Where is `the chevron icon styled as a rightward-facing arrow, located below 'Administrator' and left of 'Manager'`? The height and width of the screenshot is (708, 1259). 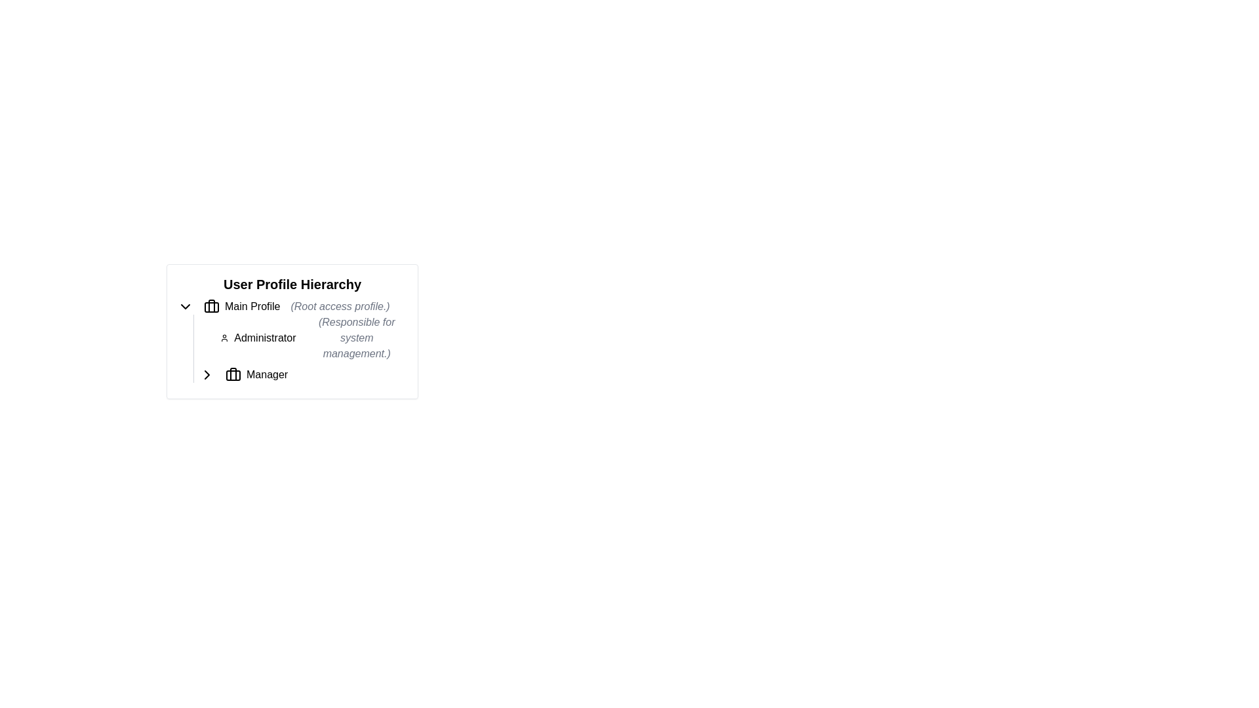
the chevron icon styled as a rightward-facing arrow, located below 'Administrator' and left of 'Manager' is located at coordinates (207, 374).